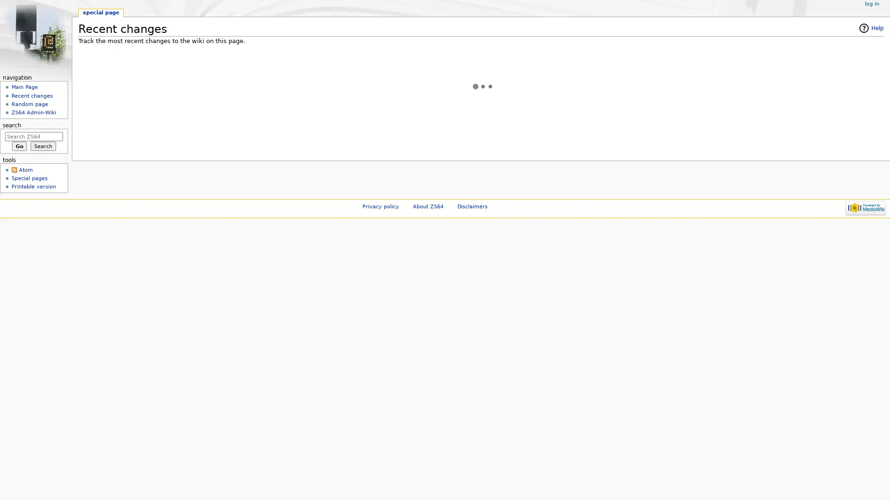  What do you see at coordinates (43, 146) in the screenshot?
I see `Search` at bounding box center [43, 146].